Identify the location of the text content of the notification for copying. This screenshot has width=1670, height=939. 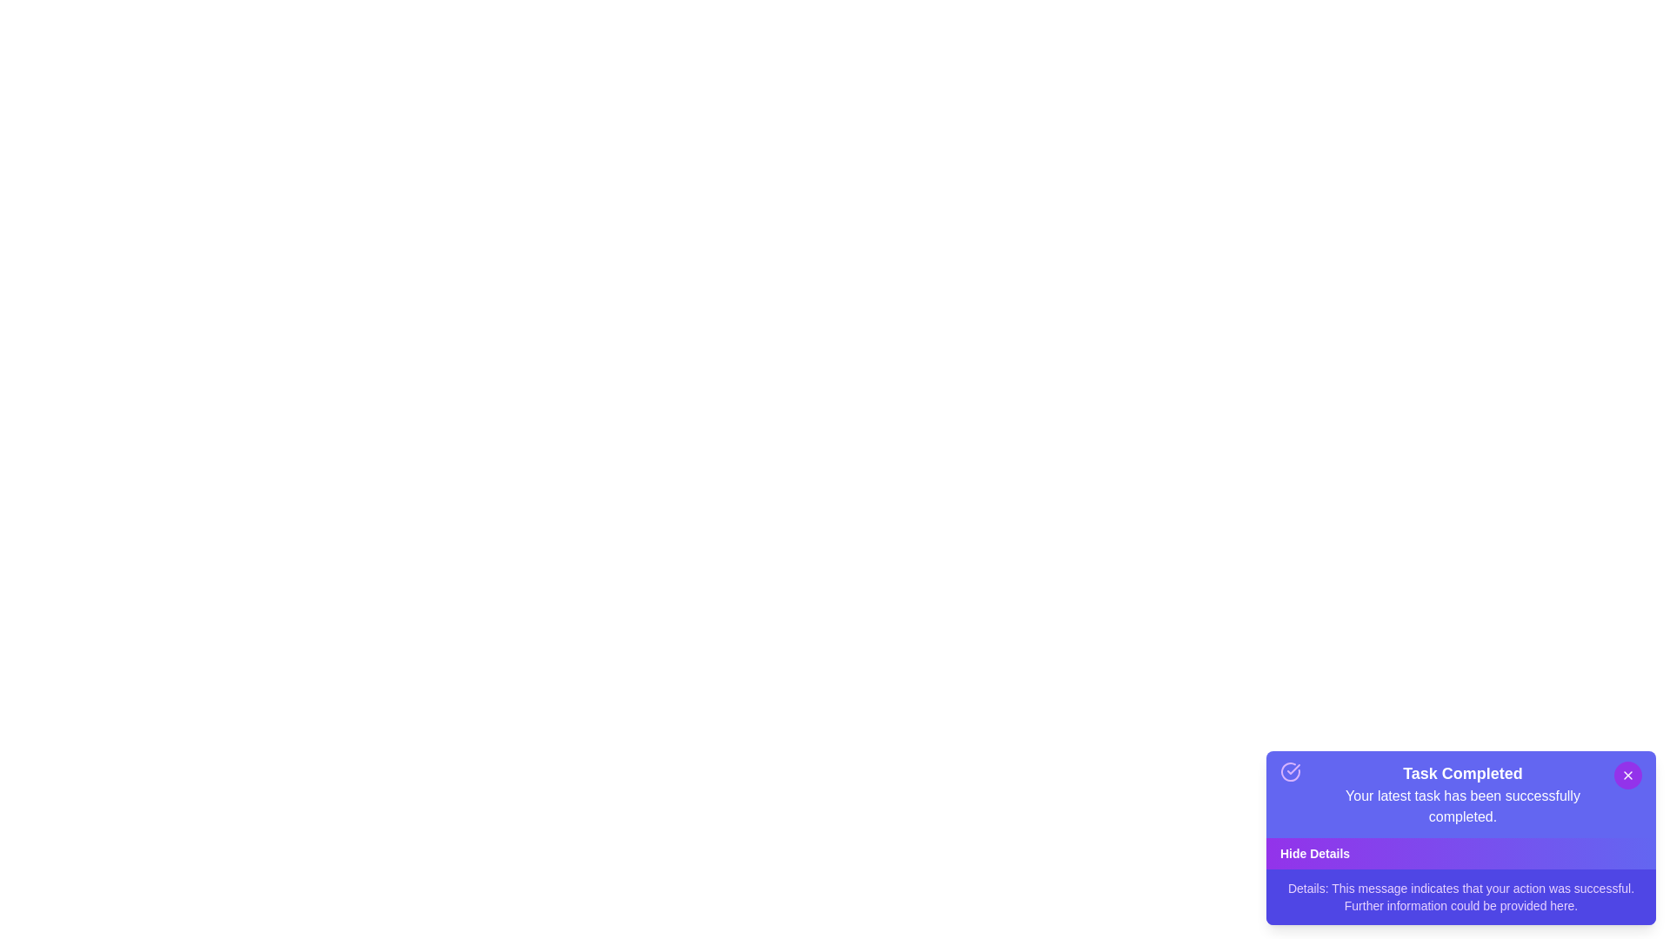
(1461, 795).